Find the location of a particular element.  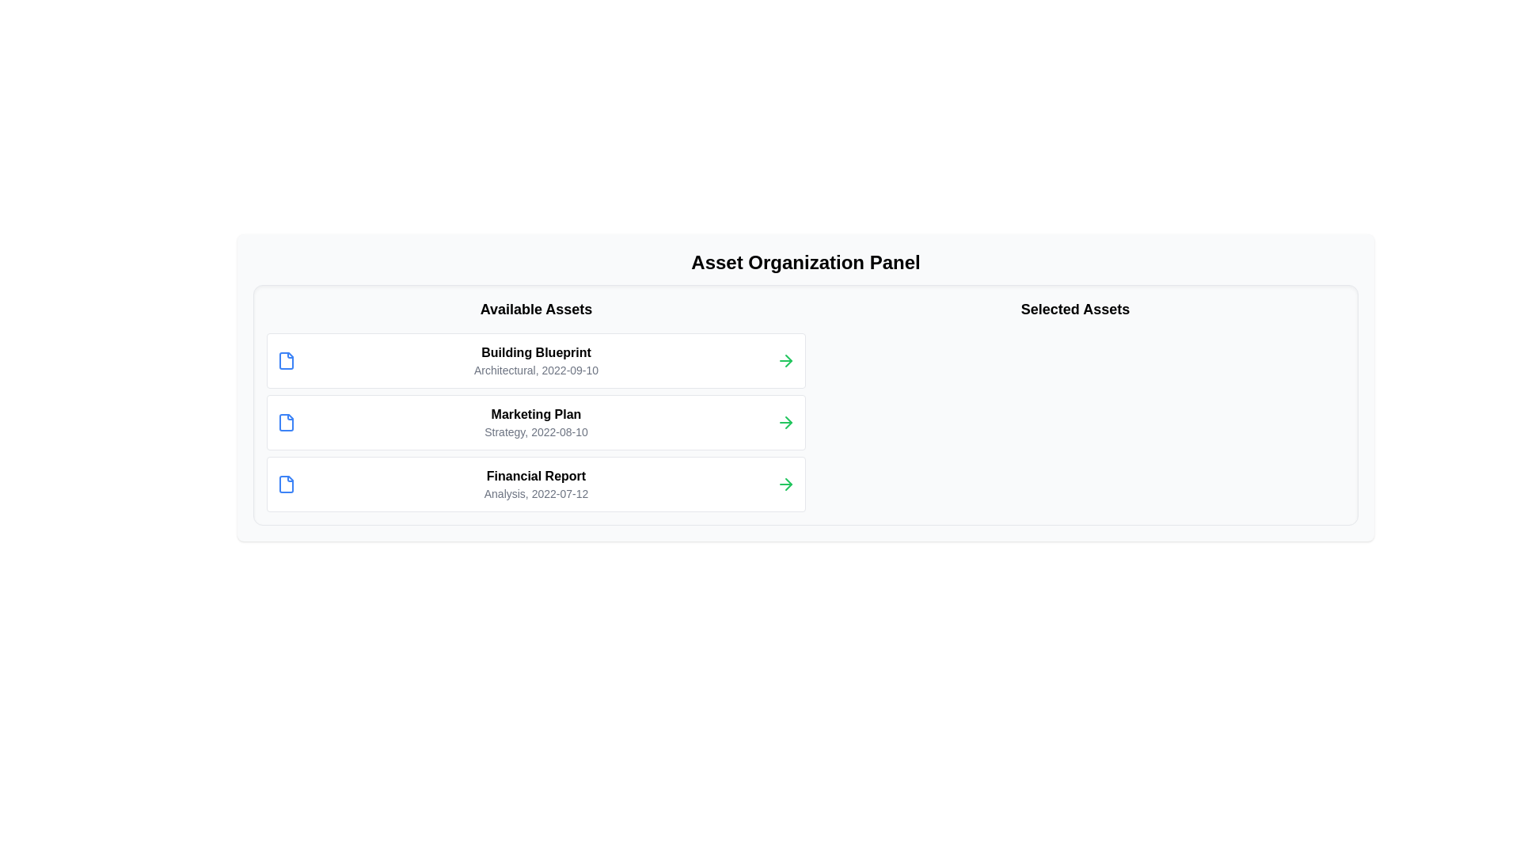

the Text Label providing metadata for the 'Building Blueprint' item located in the 'Available Assets' panel, which is positioned inside a card structure under the title 'Building Blueprint' is located at coordinates (536, 370).